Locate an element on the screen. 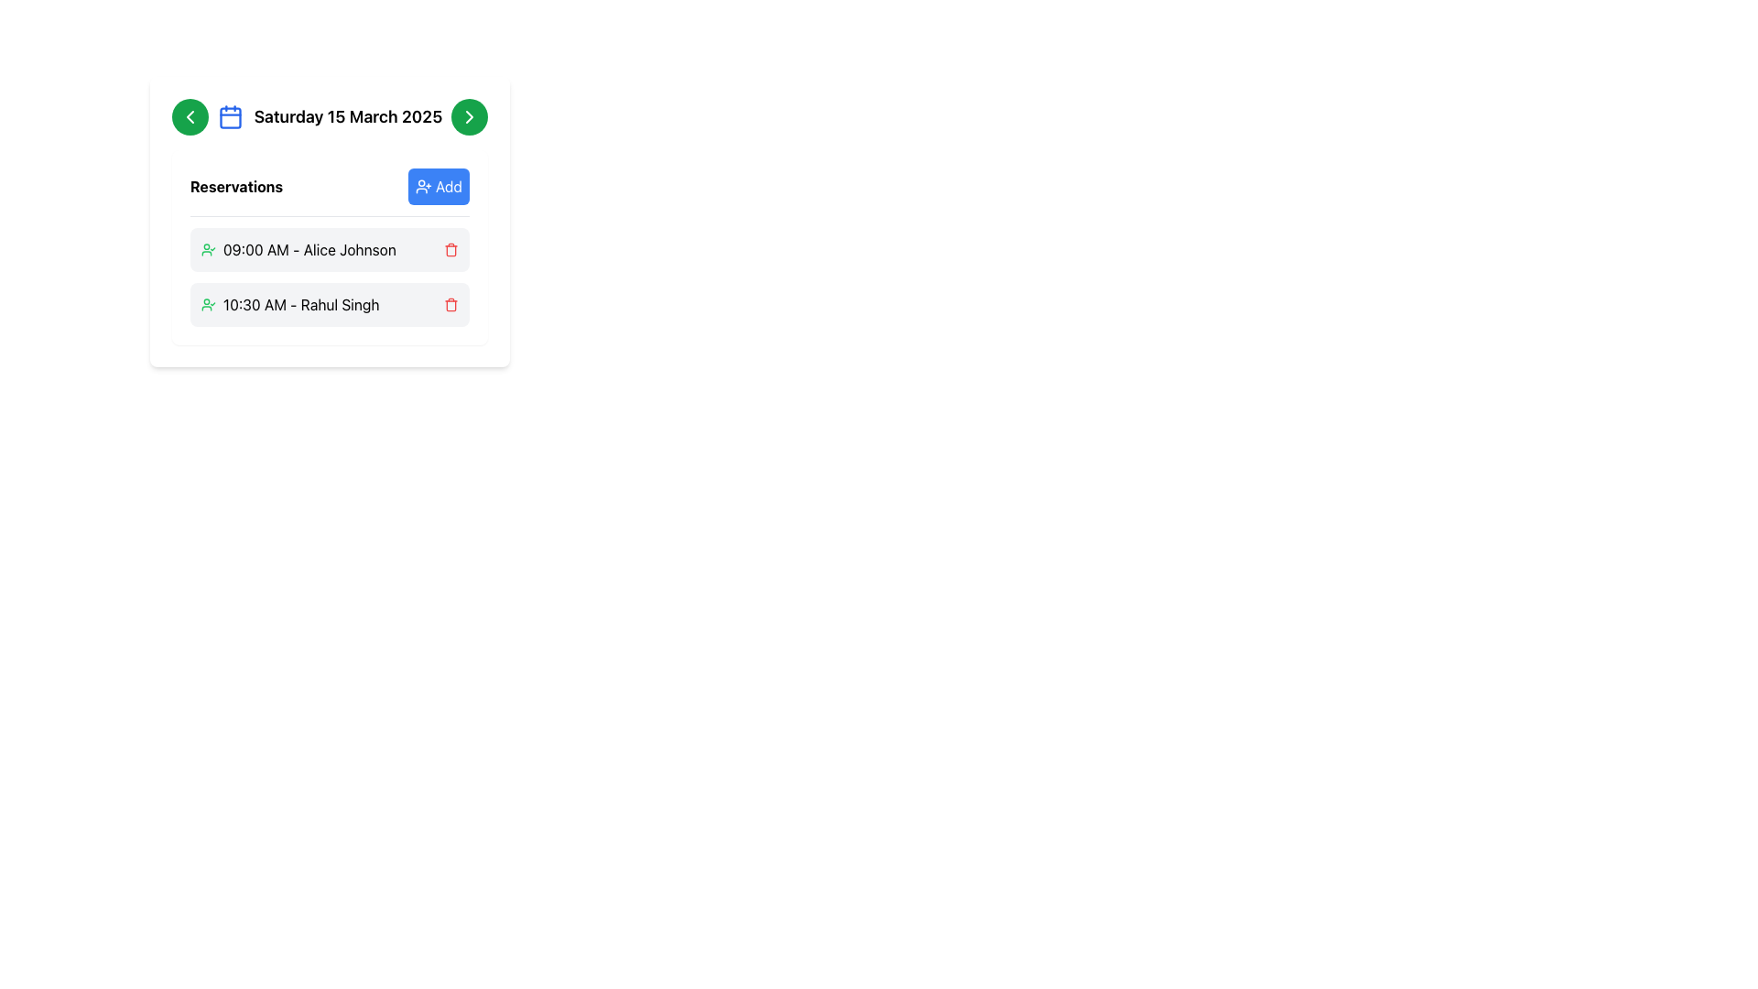 The height and width of the screenshot is (989, 1758). the delete button located at the far right side of the reservation card for '09:00 AM - Alice Johnson' is located at coordinates (451, 250).